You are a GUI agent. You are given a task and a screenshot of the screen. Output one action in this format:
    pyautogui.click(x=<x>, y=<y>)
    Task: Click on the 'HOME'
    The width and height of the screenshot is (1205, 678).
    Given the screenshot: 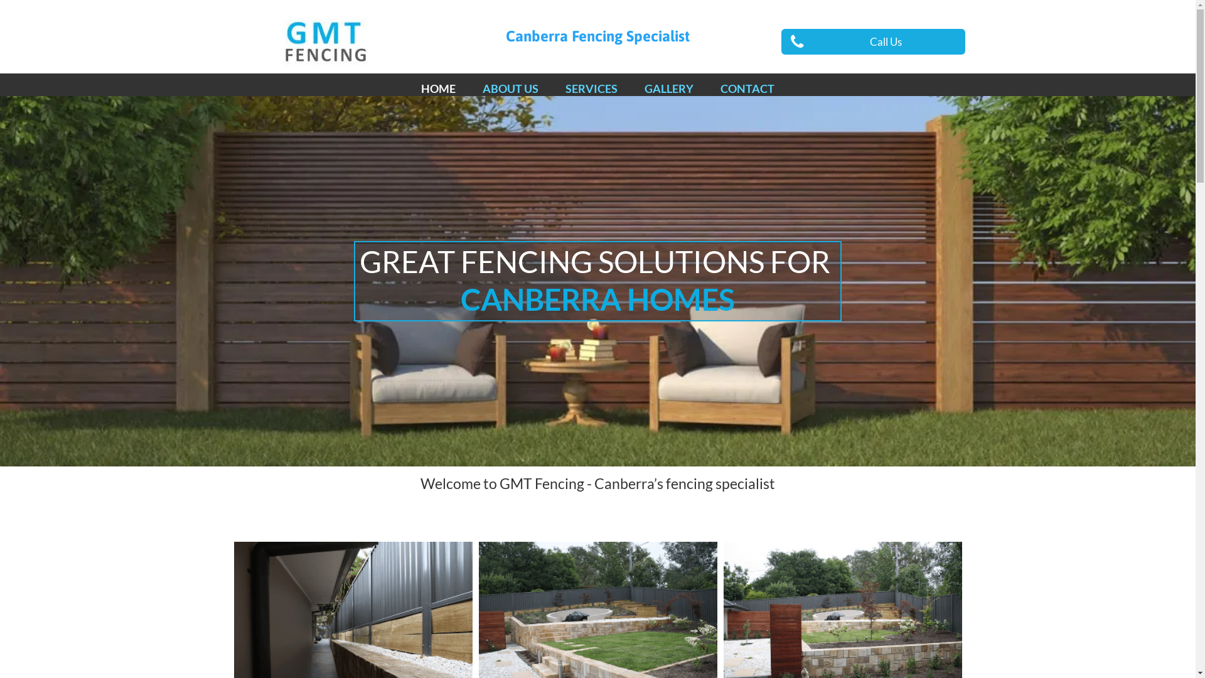 What is the action you would take?
    pyautogui.click(x=438, y=88)
    